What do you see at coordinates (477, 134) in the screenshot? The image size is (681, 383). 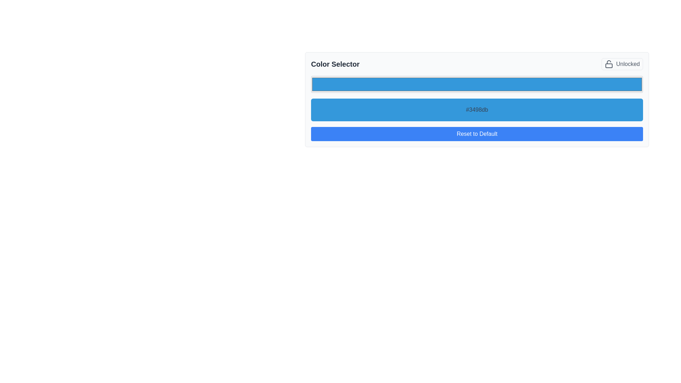 I see `the blue button labeled 'Reset to Default'` at bounding box center [477, 134].